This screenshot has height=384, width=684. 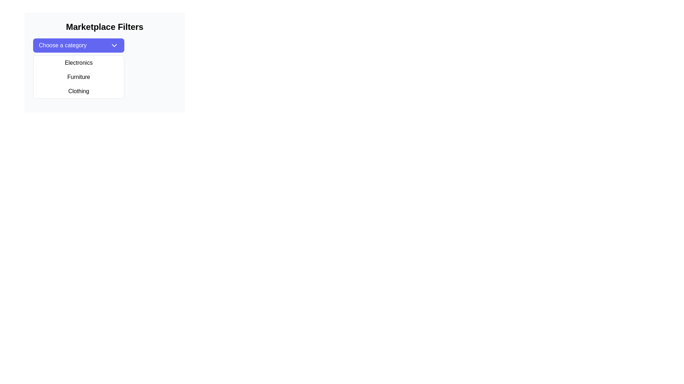 I want to click on the 'Furniture' dropdown menu item, which is the second item in the dropdown menu styled with a white background and black text, so click(x=78, y=77).